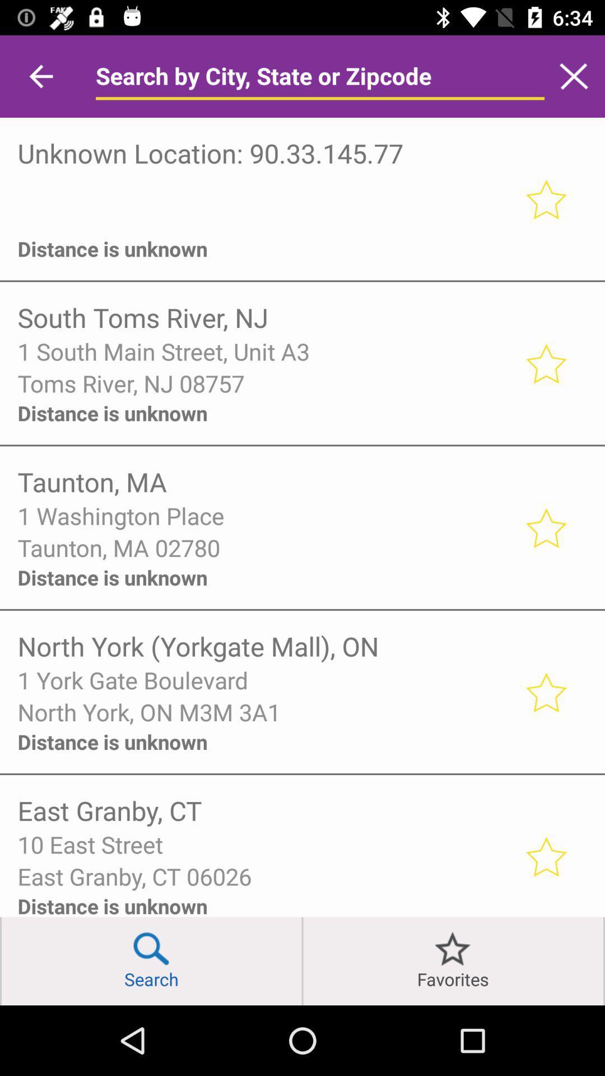  Describe the element at coordinates (263, 219) in the screenshot. I see `icon above the distance is unknown` at that location.